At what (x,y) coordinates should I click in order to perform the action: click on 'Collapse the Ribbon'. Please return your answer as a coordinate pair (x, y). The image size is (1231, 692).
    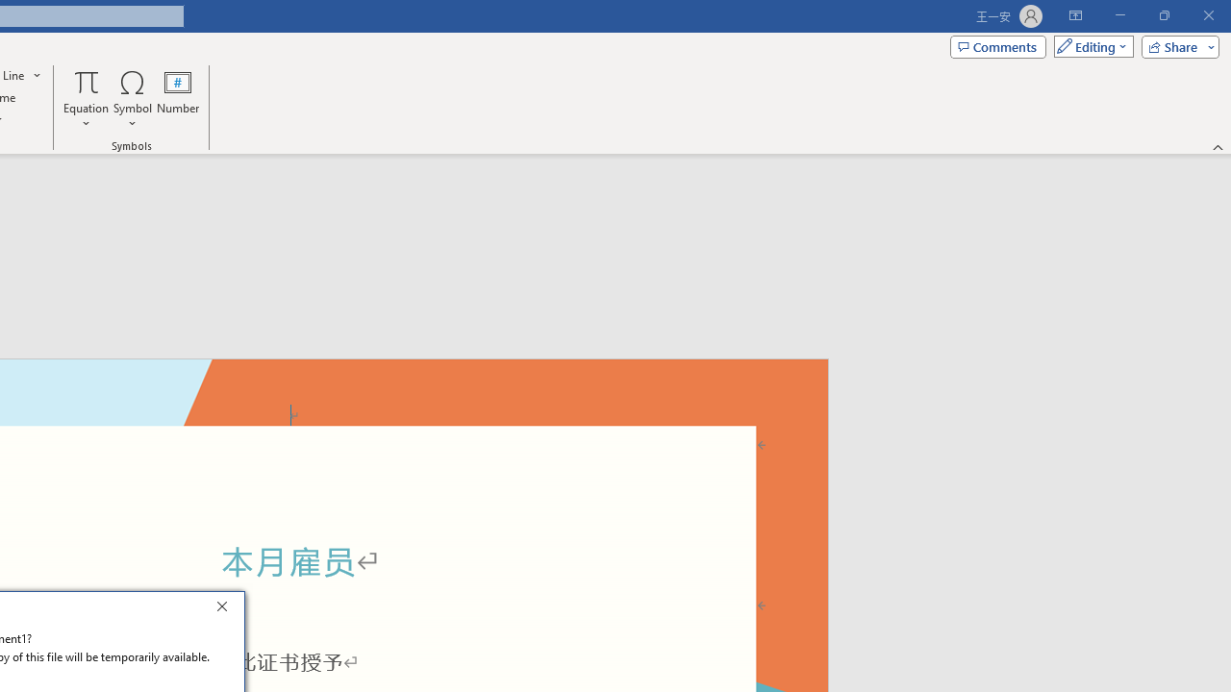
    Looking at the image, I should click on (1218, 146).